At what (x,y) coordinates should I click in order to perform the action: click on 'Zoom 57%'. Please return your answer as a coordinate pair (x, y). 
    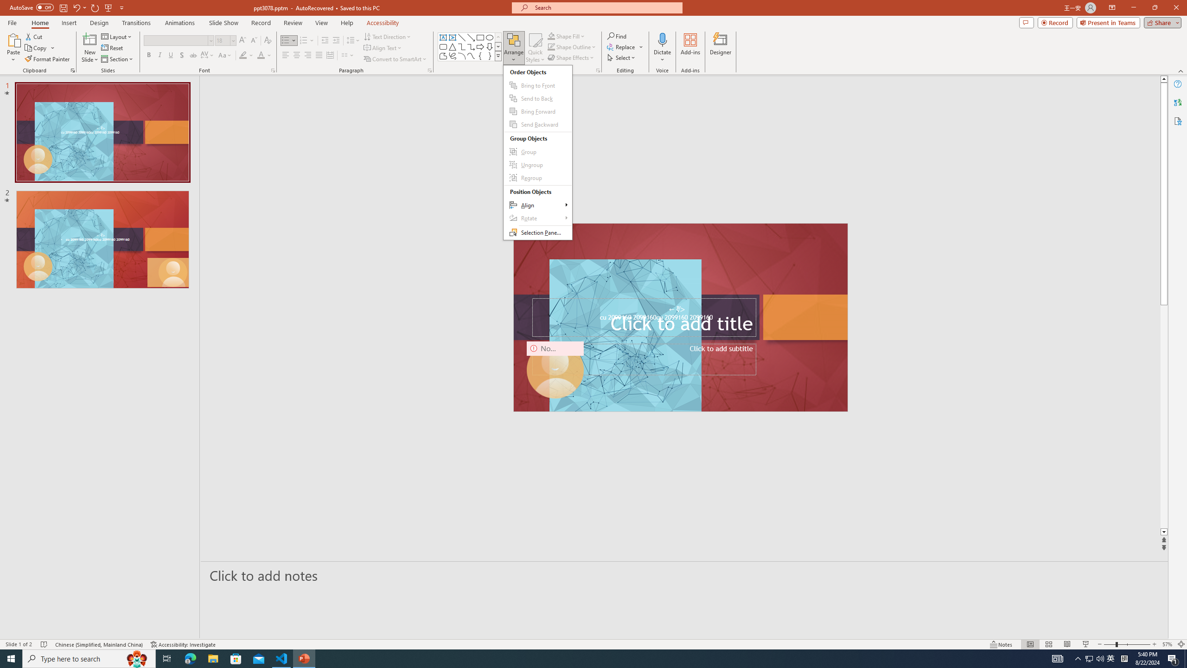
    Looking at the image, I should click on (1167, 644).